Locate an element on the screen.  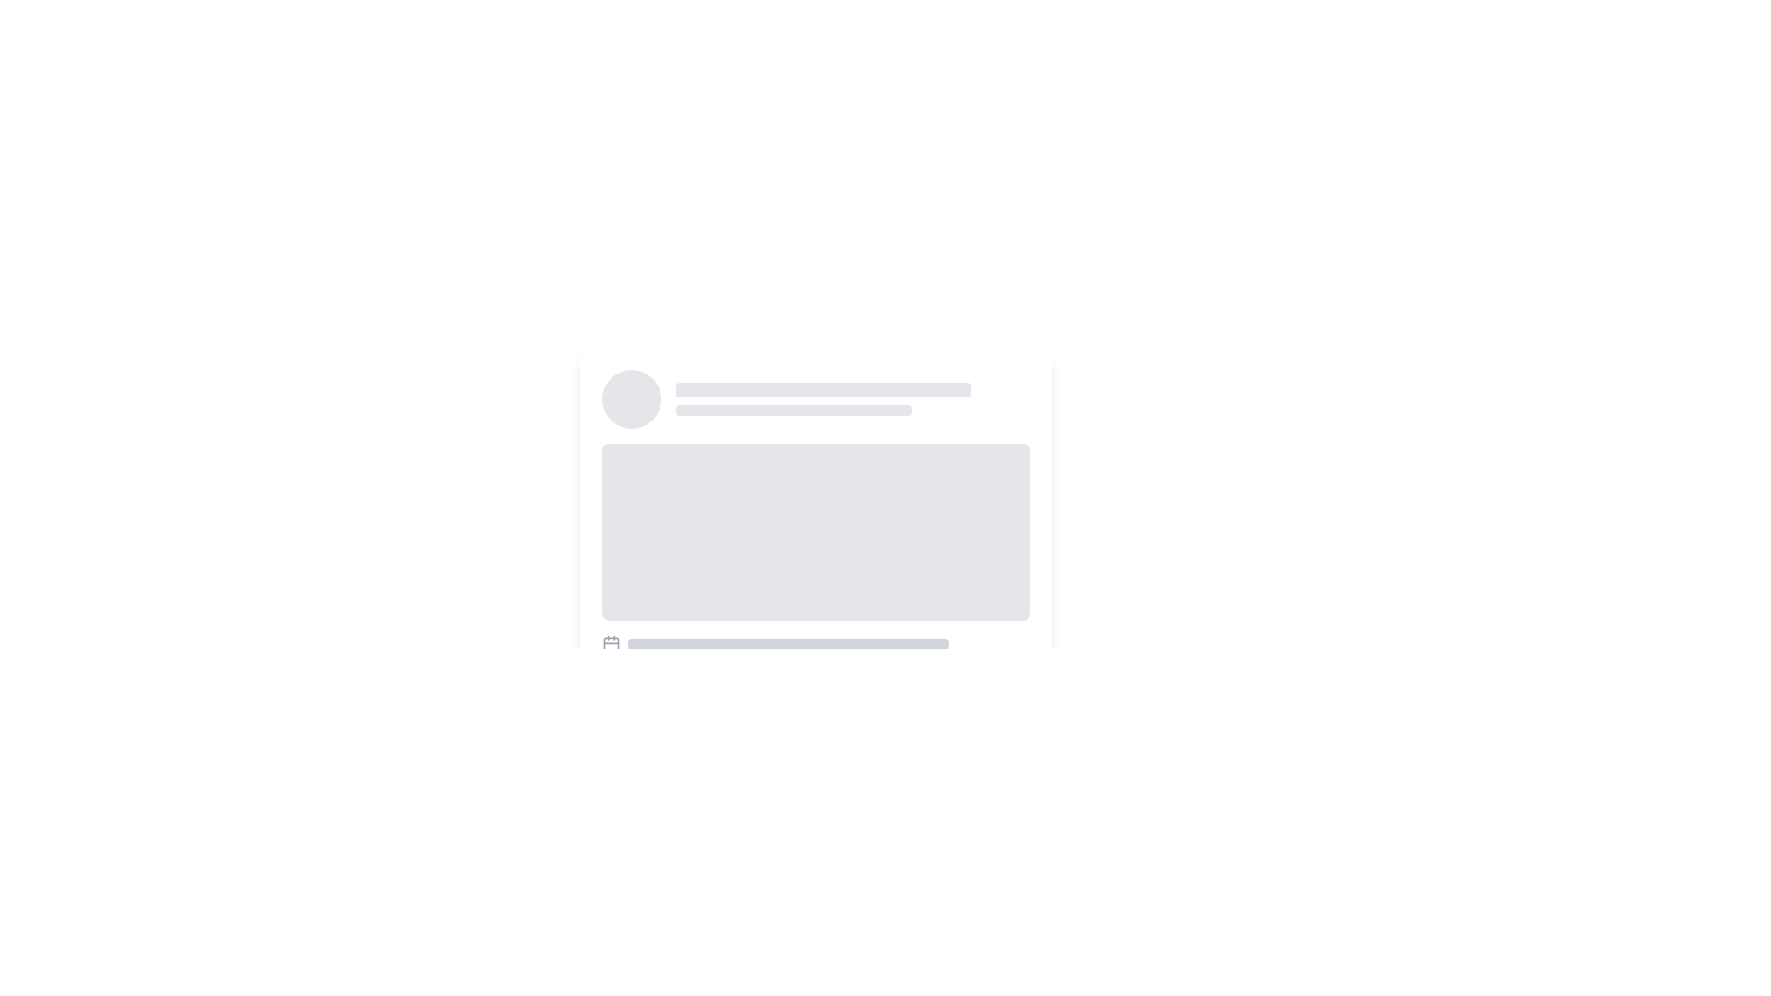
the circular placeholder located at the extreme left of its group is located at coordinates (631, 397).